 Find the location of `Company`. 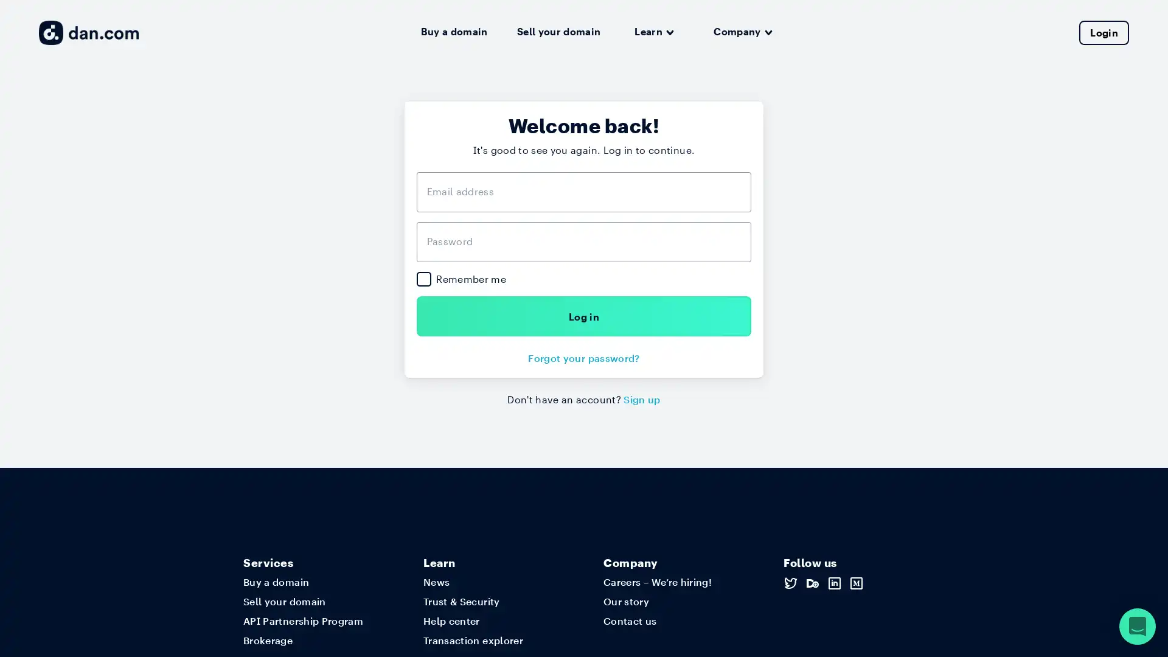

Company is located at coordinates (742, 32).